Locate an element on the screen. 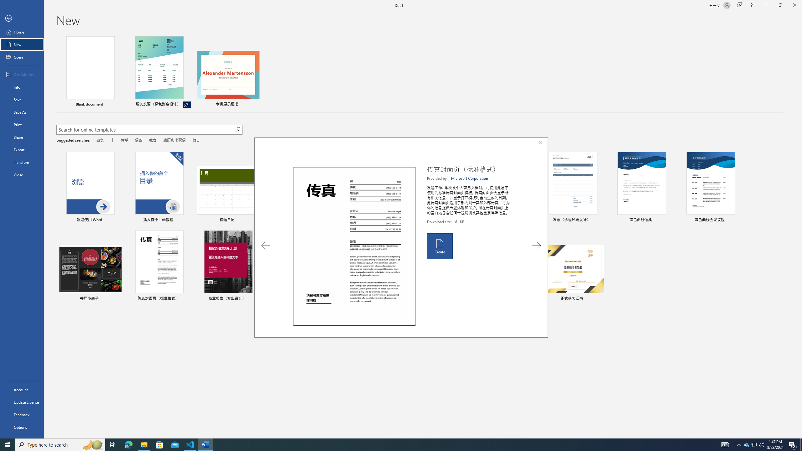 The width and height of the screenshot is (802, 451). 'Feedback' is located at coordinates (22, 415).